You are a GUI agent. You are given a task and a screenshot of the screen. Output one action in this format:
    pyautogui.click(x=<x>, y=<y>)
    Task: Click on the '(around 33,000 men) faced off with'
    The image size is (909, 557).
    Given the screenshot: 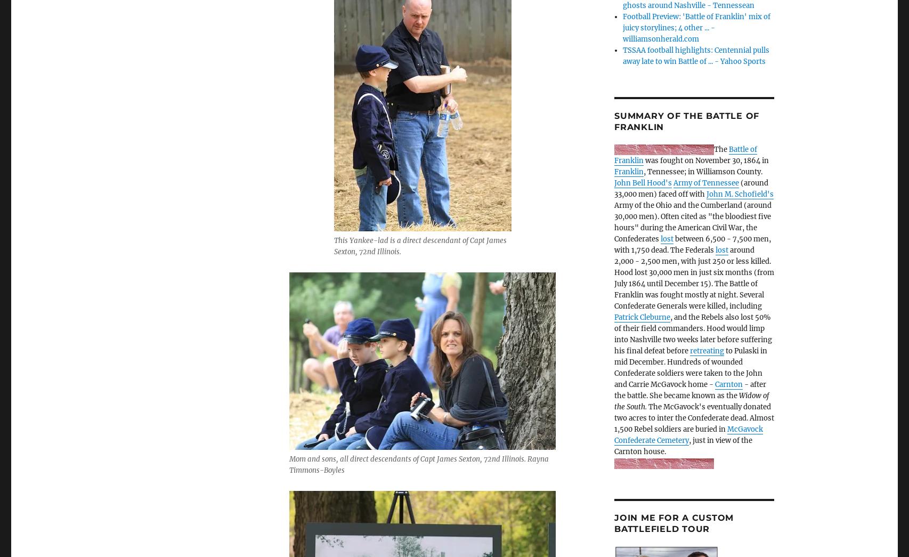 What is the action you would take?
    pyautogui.click(x=691, y=188)
    